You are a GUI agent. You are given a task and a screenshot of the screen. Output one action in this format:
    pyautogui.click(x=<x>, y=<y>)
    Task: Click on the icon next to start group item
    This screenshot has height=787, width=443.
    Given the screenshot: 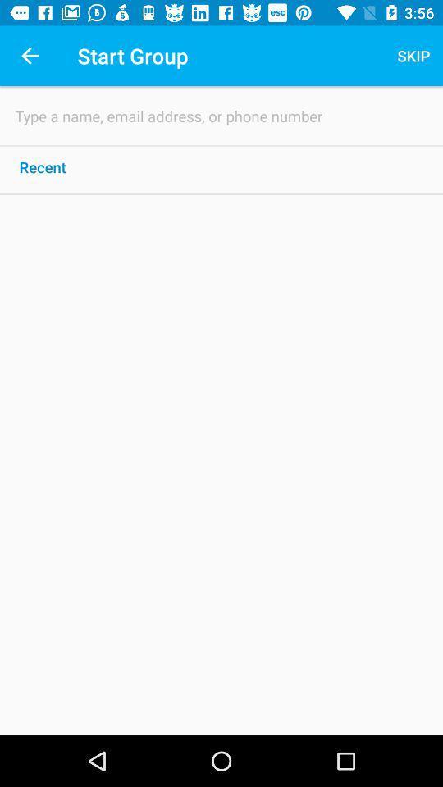 What is the action you would take?
    pyautogui.click(x=30, y=56)
    